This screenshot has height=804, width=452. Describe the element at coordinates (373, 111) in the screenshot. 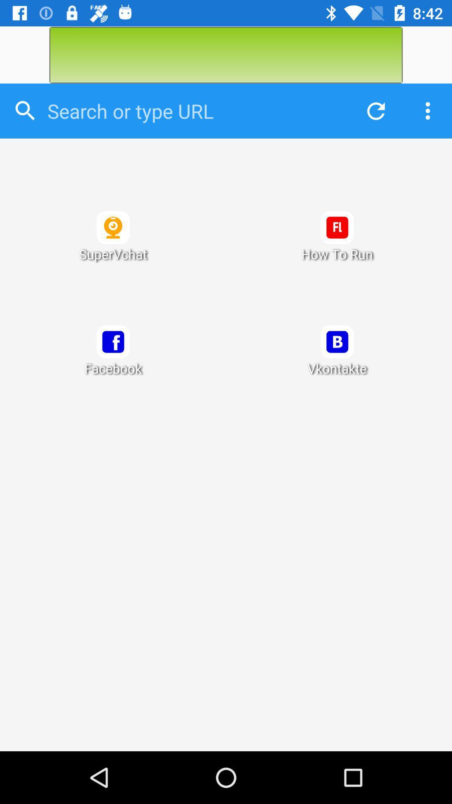

I see `refresh` at that location.